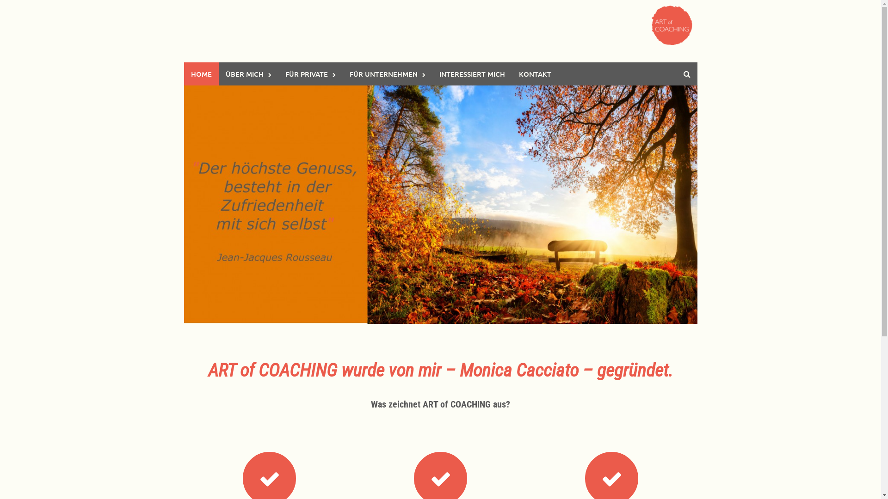  What do you see at coordinates (471, 73) in the screenshot?
I see `'INTERESSIERT MICH'` at bounding box center [471, 73].